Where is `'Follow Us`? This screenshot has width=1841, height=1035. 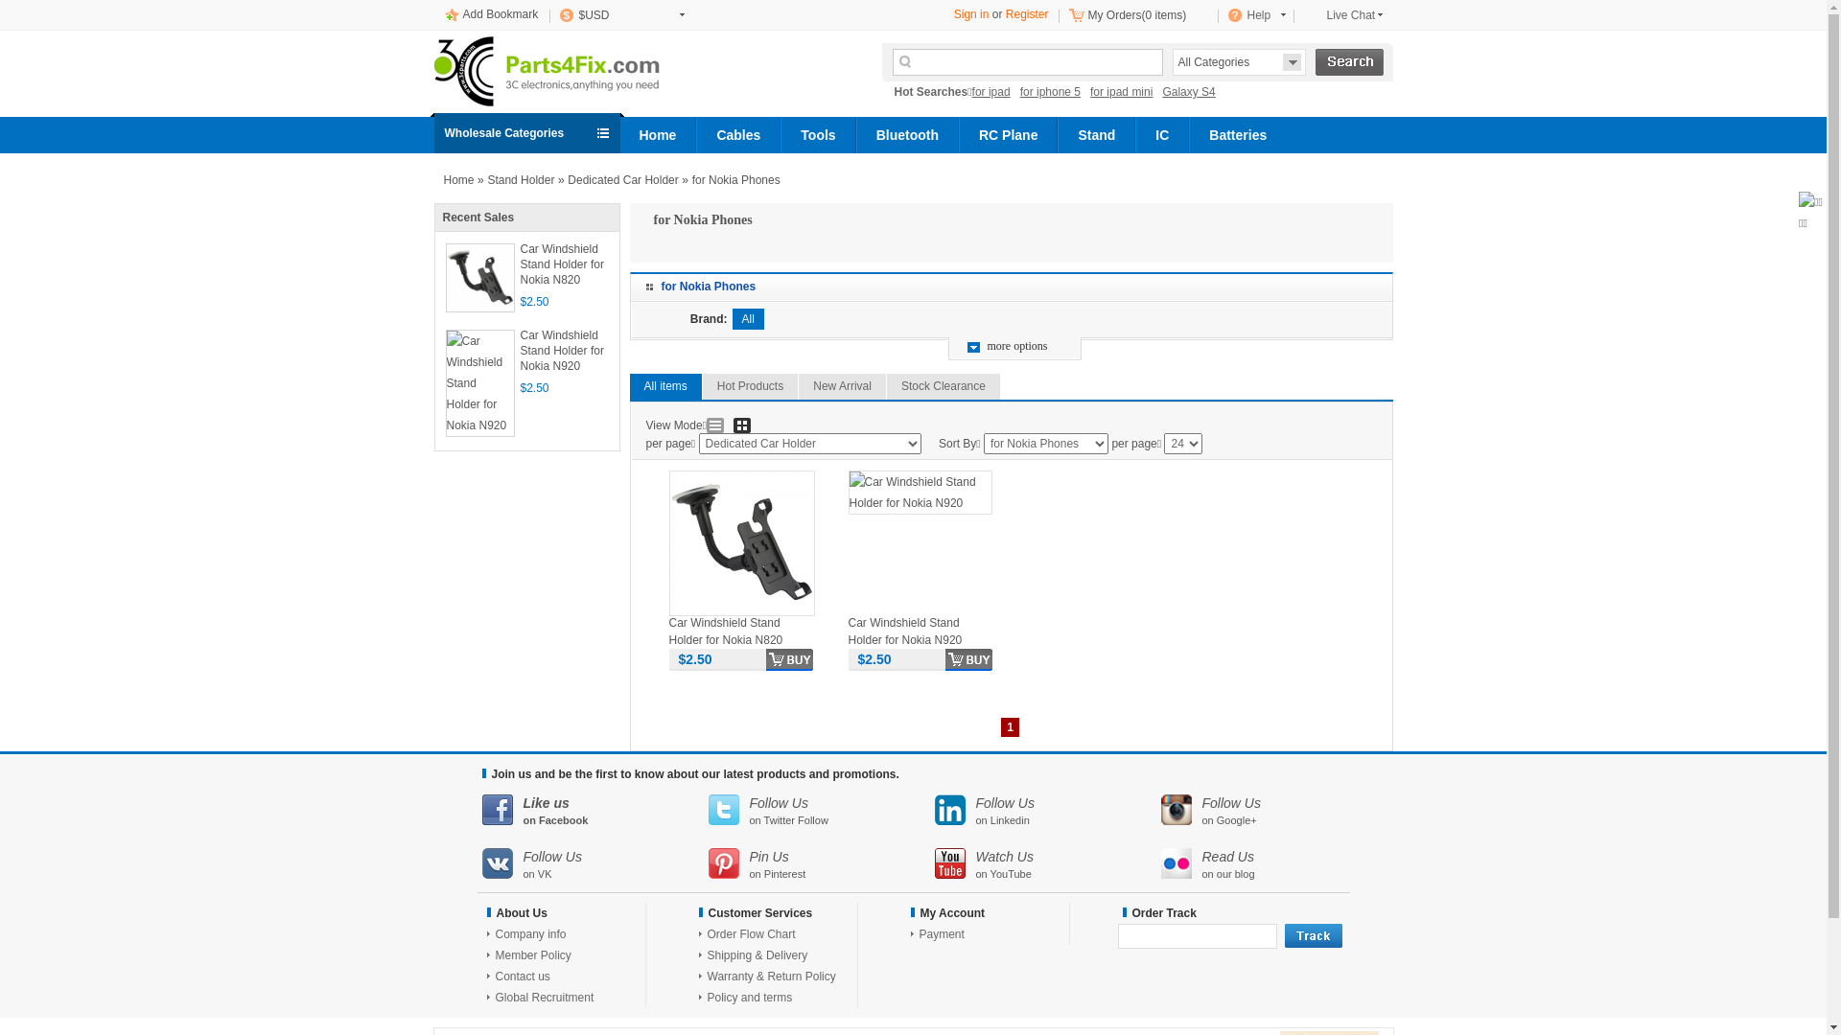
'Follow Us is located at coordinates (593, 863).